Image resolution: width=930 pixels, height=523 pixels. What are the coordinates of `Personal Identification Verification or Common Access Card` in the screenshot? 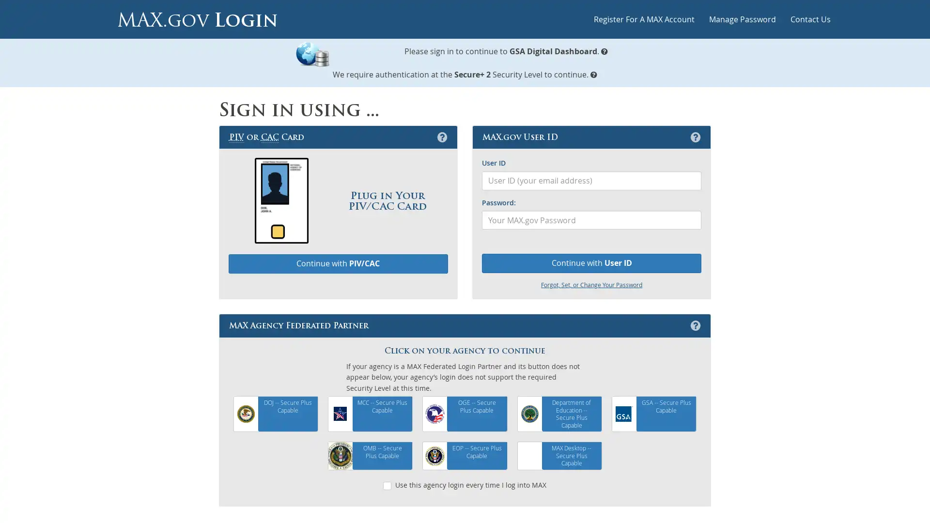 It's located at (441, 136).